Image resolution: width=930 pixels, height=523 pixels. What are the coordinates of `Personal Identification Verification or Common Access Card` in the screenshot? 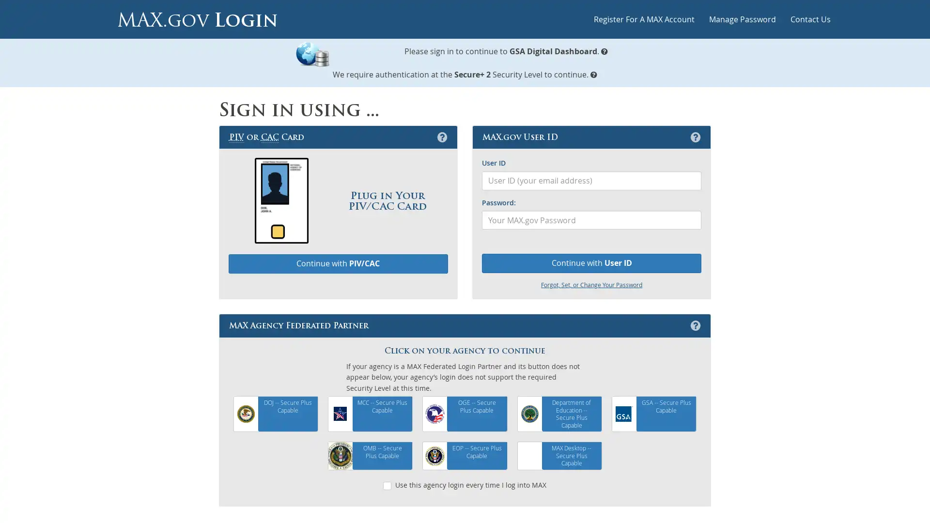 It's located at (441, 136).